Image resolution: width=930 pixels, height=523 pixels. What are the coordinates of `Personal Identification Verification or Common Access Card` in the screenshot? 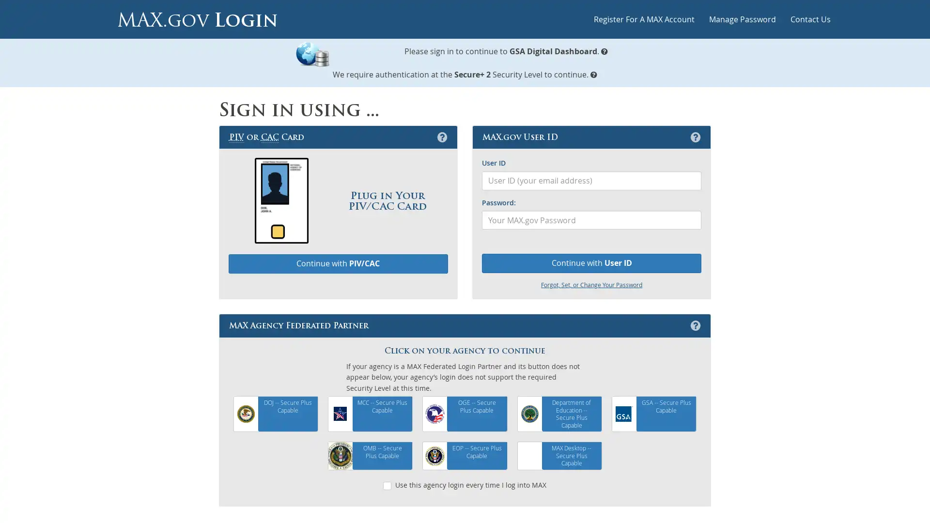 It's located at (441, 136).